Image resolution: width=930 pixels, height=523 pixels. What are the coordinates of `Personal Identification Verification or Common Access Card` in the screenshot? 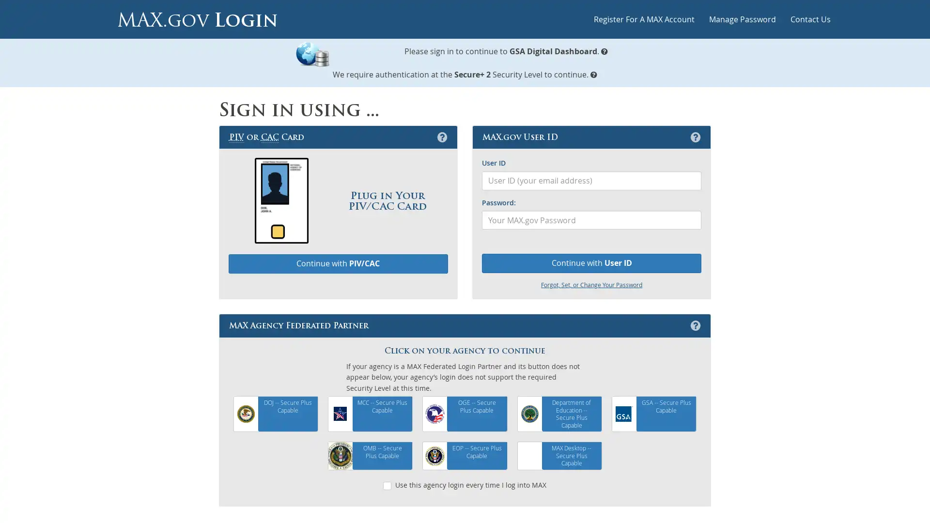 It's located at (441, 136).